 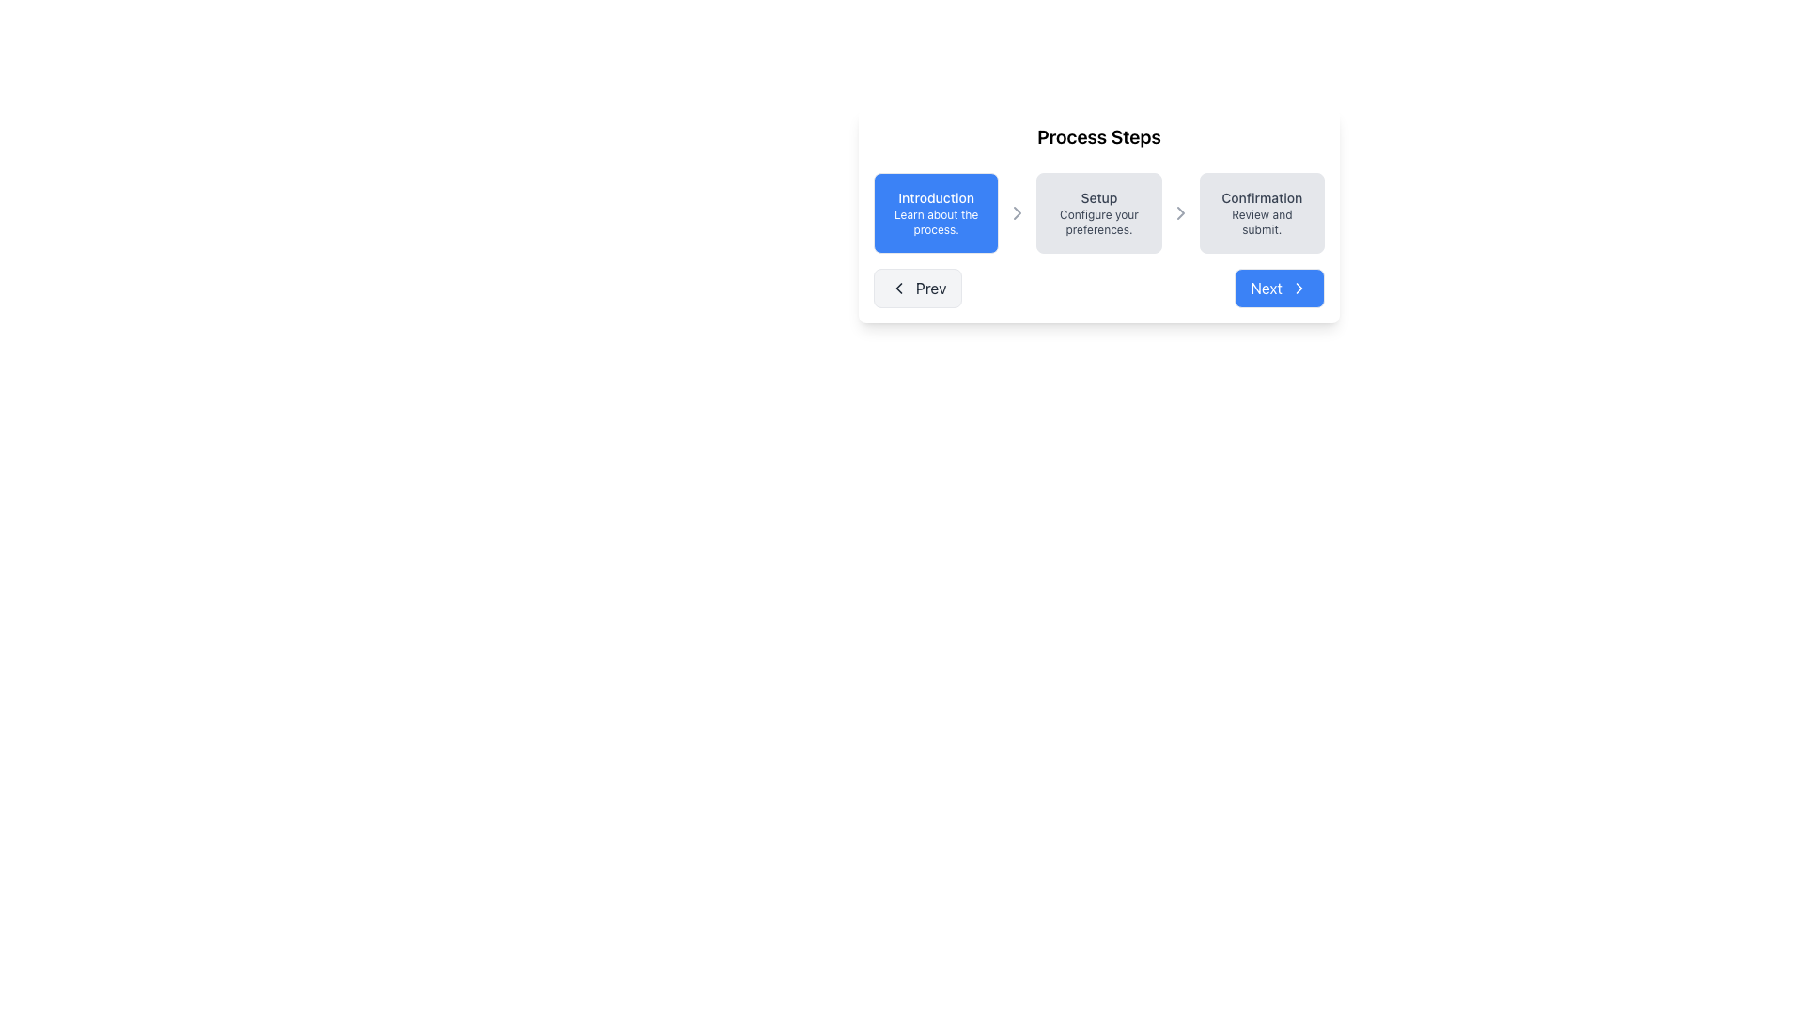 I want to click on the small gray rightward triangle arrow icon located between the 'Introduction' and 'Setup' panels in the process step bar to trigger a tooltip, so click(x=1017, y=212).